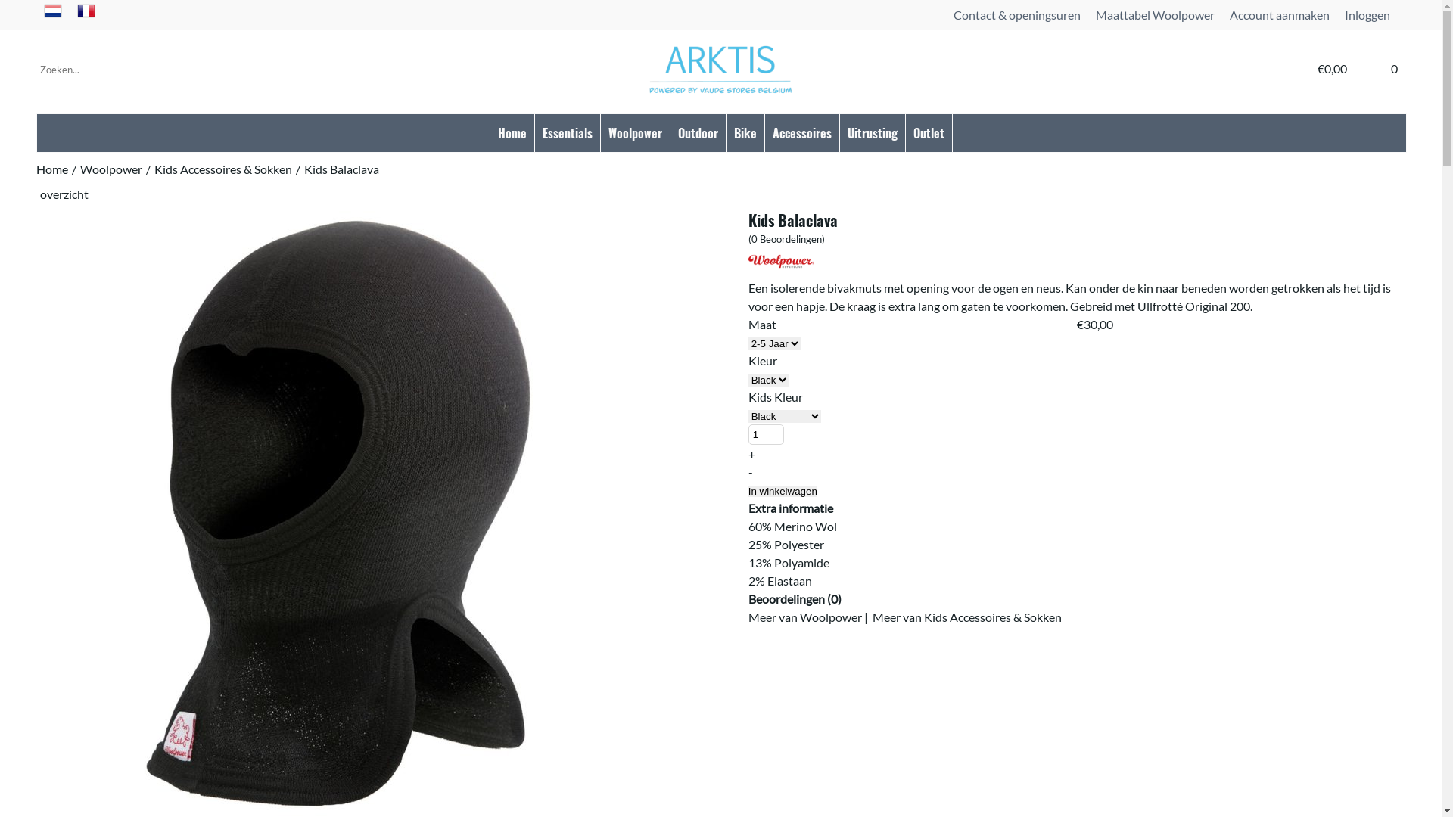 The image size is (1453, 817). I want to click on 'Woolpower', so click(110, 170).